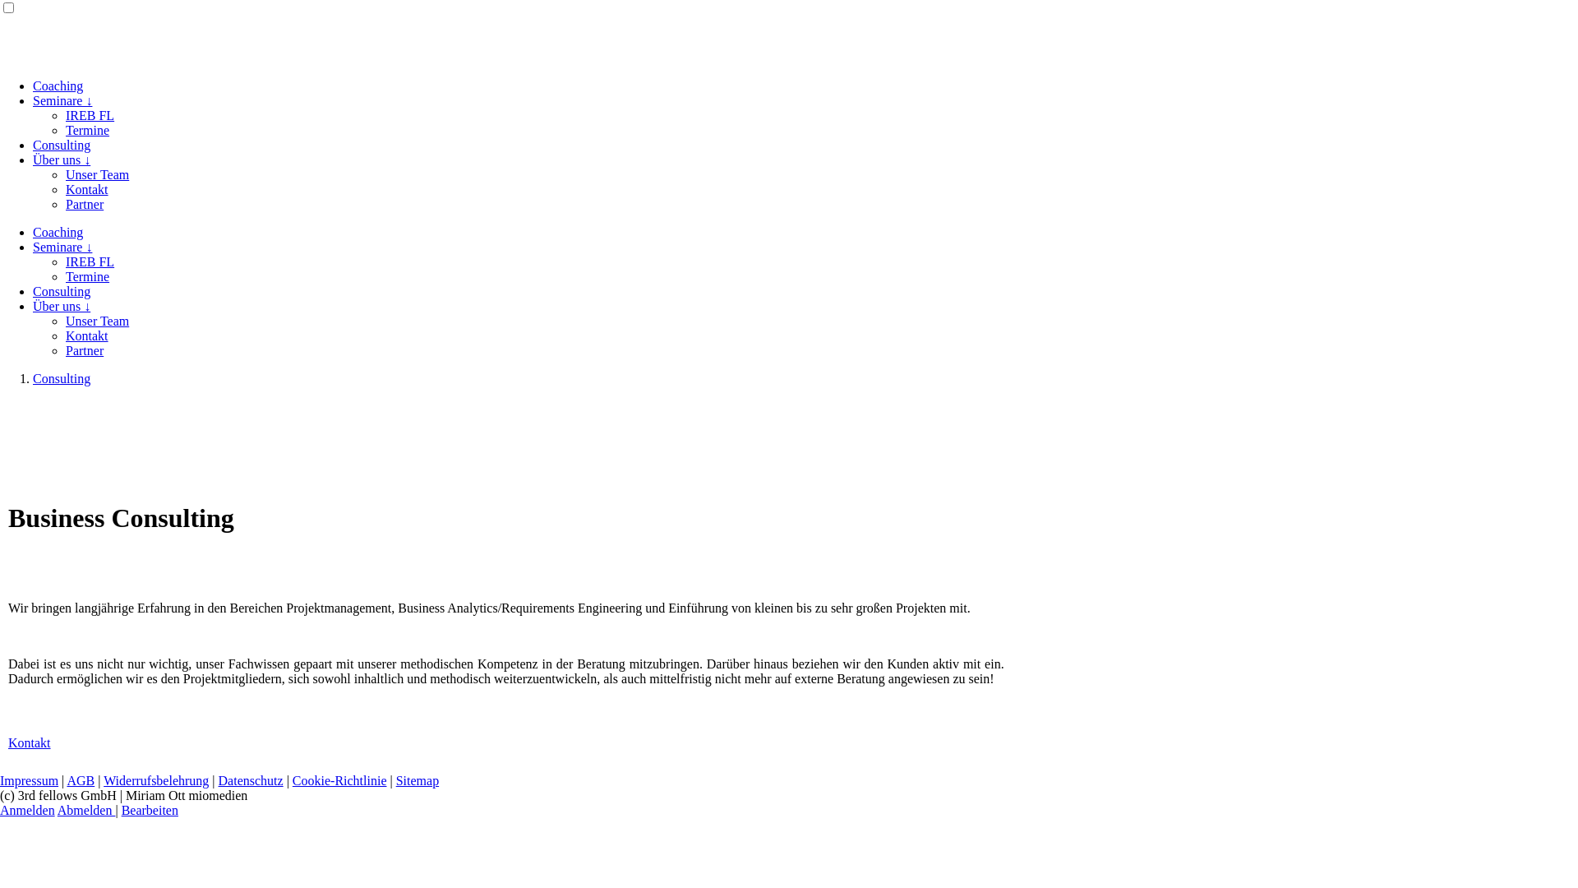 The width and height of the screenshot is (1578, 888). I want to click on 'Termine', so click(86, 129).